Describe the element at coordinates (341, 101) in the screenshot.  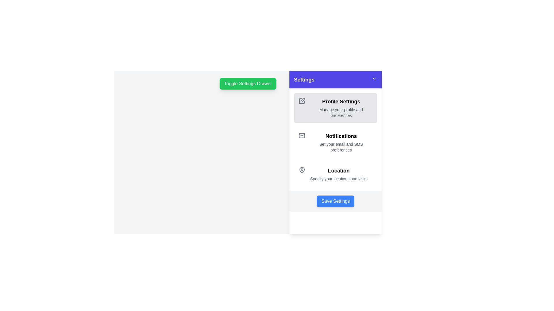
I see `the bold text label 'Profile Settings' located at the top of the settings panel in the right section of the interface` at that location.